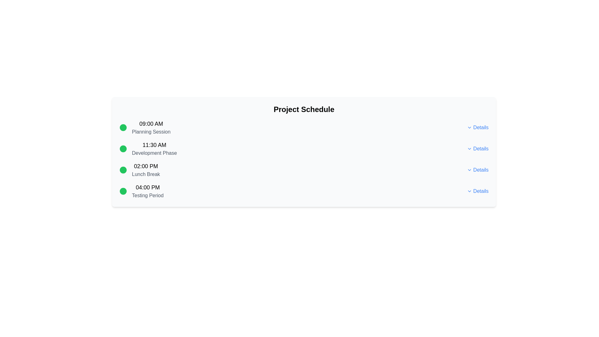 This screenshot has width=599, height=337. What do you see at coordinates (477, 170) in the screenshot?
I see `the button located in the rightmost section of the '02:00 PM Lunch Break' schedule row` at bounding box center [477, 170].